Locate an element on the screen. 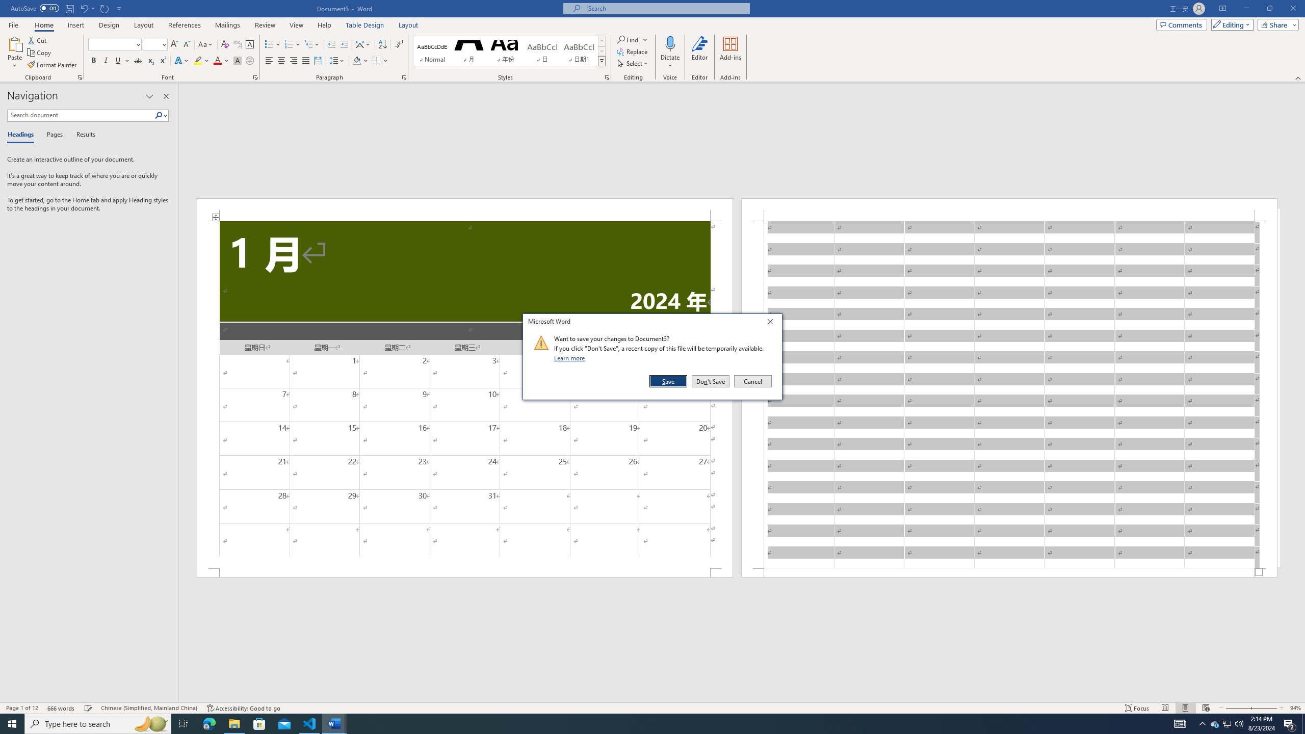 The height and width of the screenshot is (734, 1305). 'Change Case' is located at coordinates (205, 44).